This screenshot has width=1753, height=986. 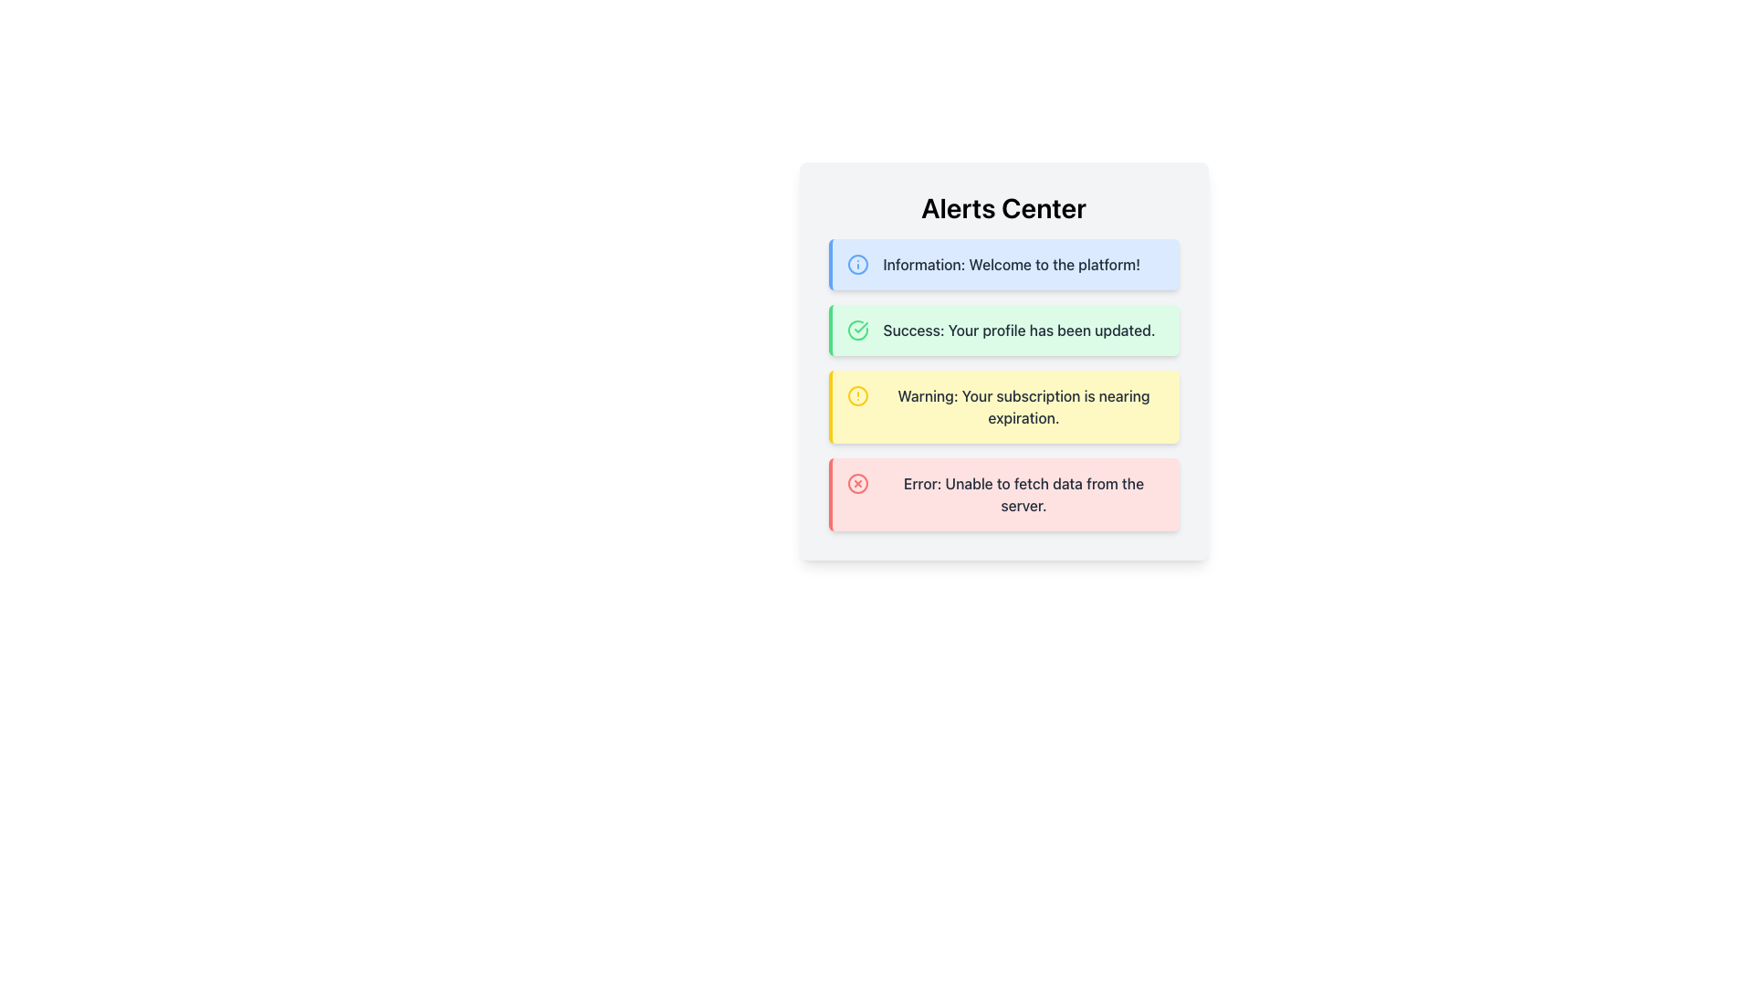 What do you see at coordinates (864, 482) in the screenshot?
I see `the error indicator icon located to the left of the fourth alert message in the 'Alerts Center' section that visually indicates an error or issue` at bounding box center [864, 482].